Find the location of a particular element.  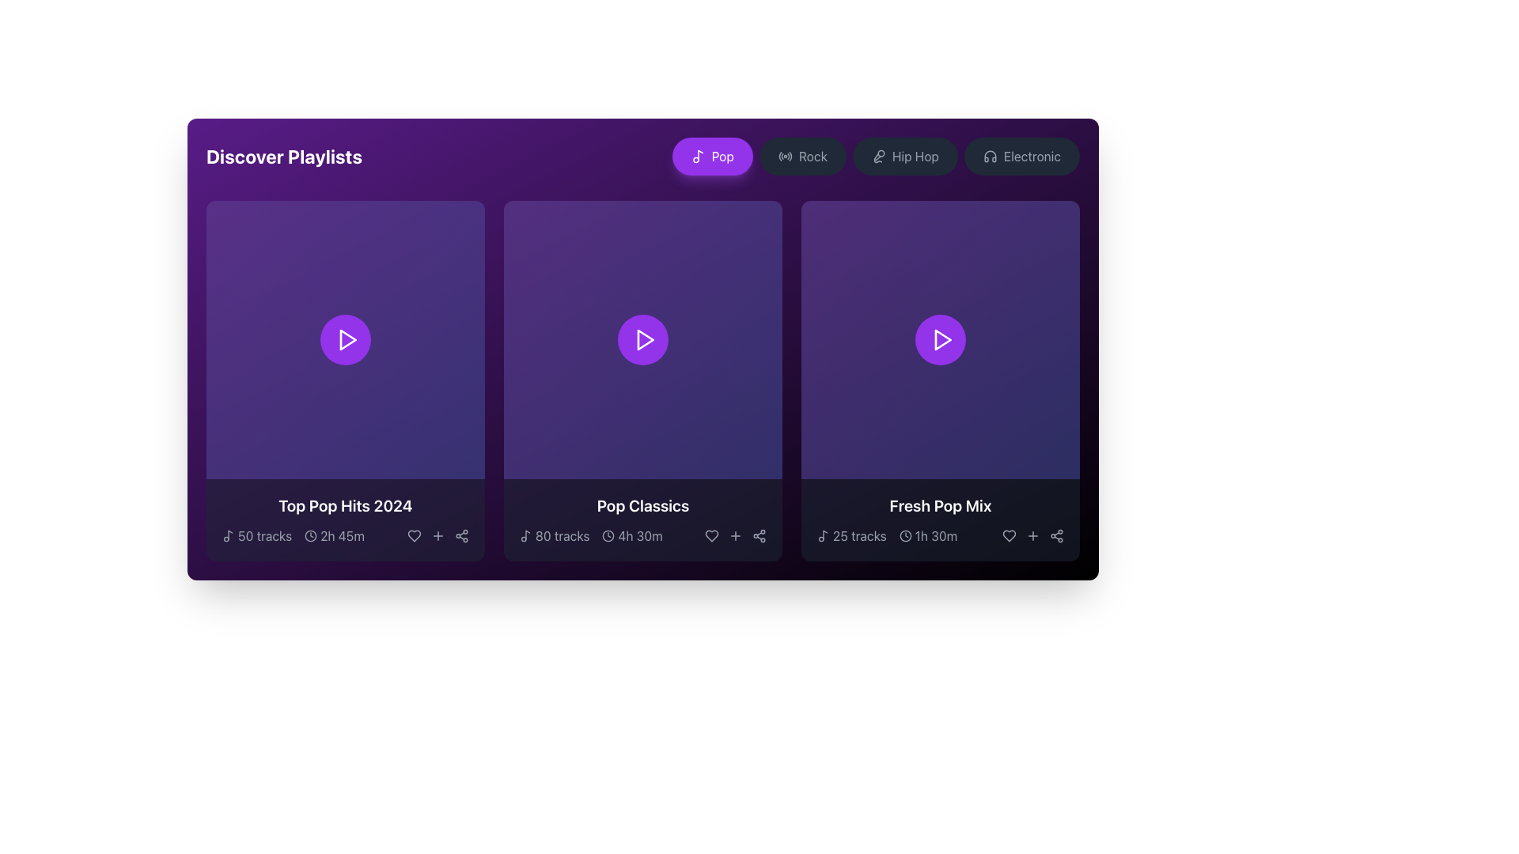

the musical note icon located on the left side beneath the 'Top Pop Hits 2024' card in the 'Discover Playlists' section to understand its information is located at coordinates (227, 535).